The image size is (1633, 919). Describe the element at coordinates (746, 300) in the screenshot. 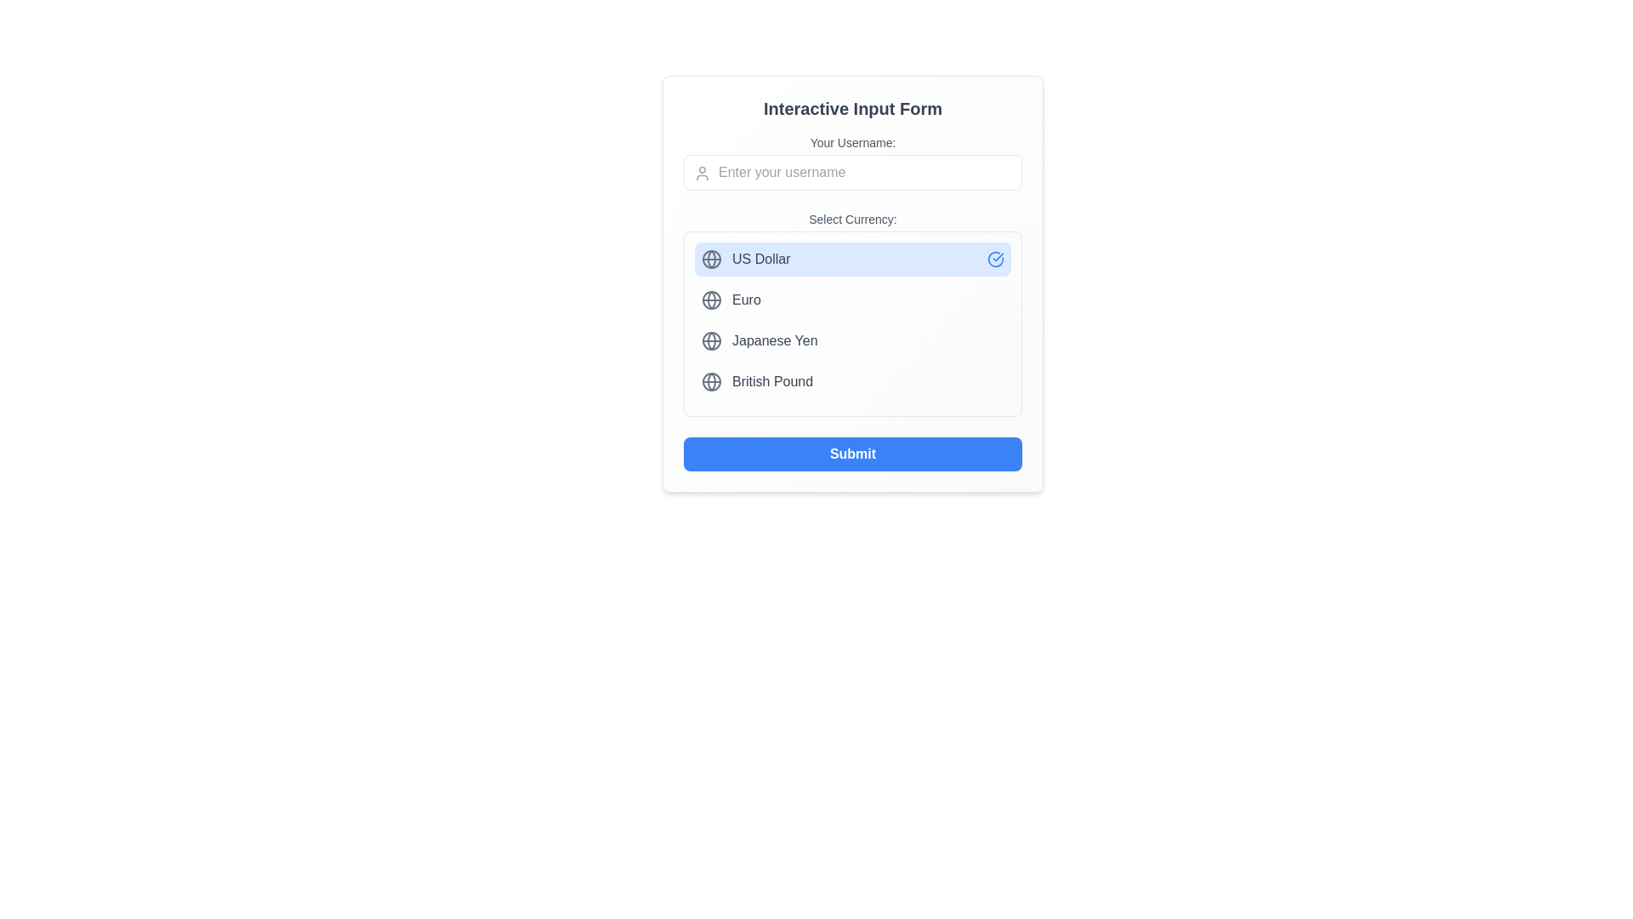

I see `the 'Euro' currency option label in the dropdown menu under 'Select Currency'` at that location.